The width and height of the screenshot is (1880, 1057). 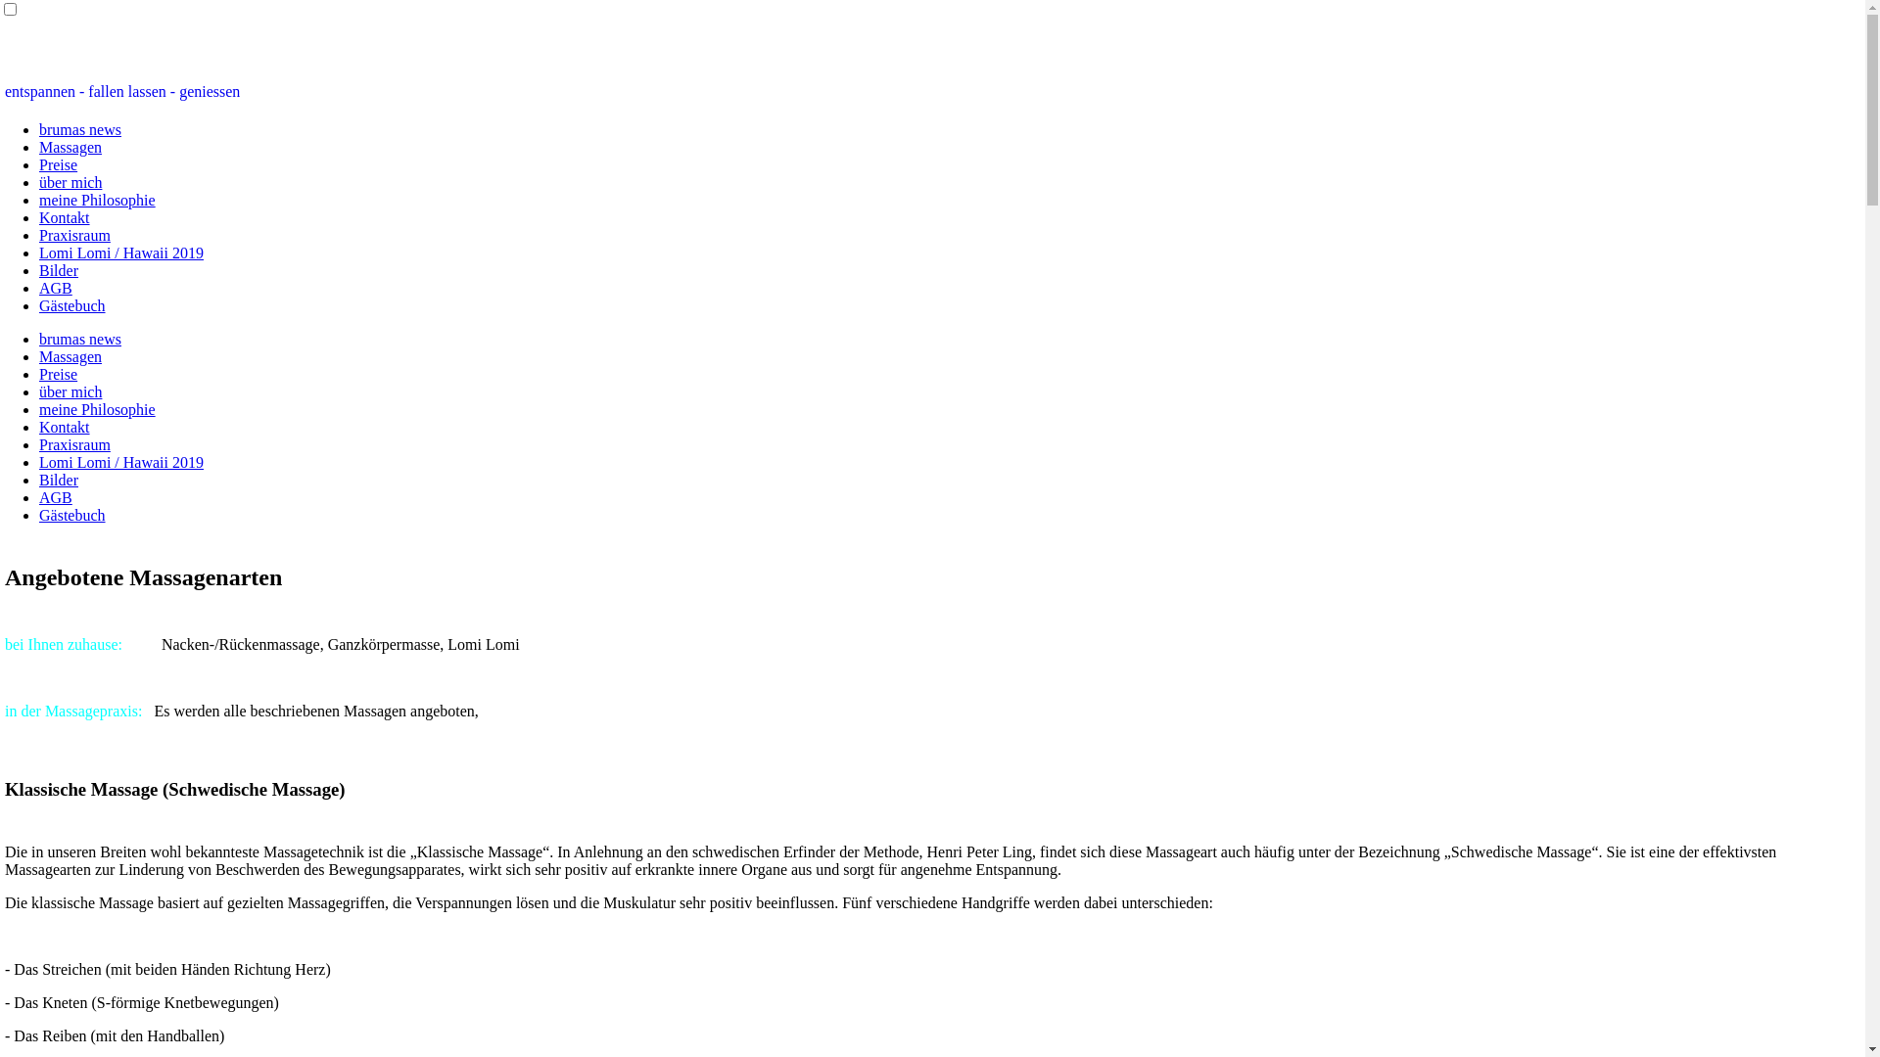 I want to click on 'meine Philosophie', so click(x=38, y=200).